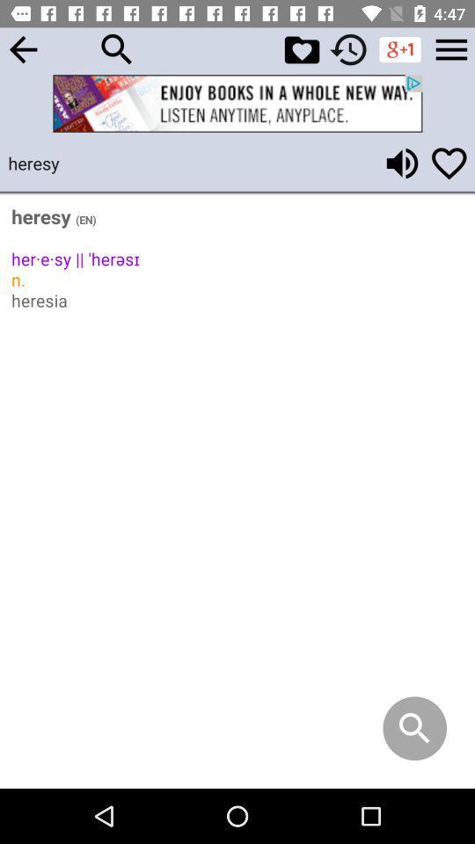 This screenshot has width=475, height=844. What do you see at coordinates (301, 48) in the screenshot?
I see `to favorites` at bounding box center [301, 48].